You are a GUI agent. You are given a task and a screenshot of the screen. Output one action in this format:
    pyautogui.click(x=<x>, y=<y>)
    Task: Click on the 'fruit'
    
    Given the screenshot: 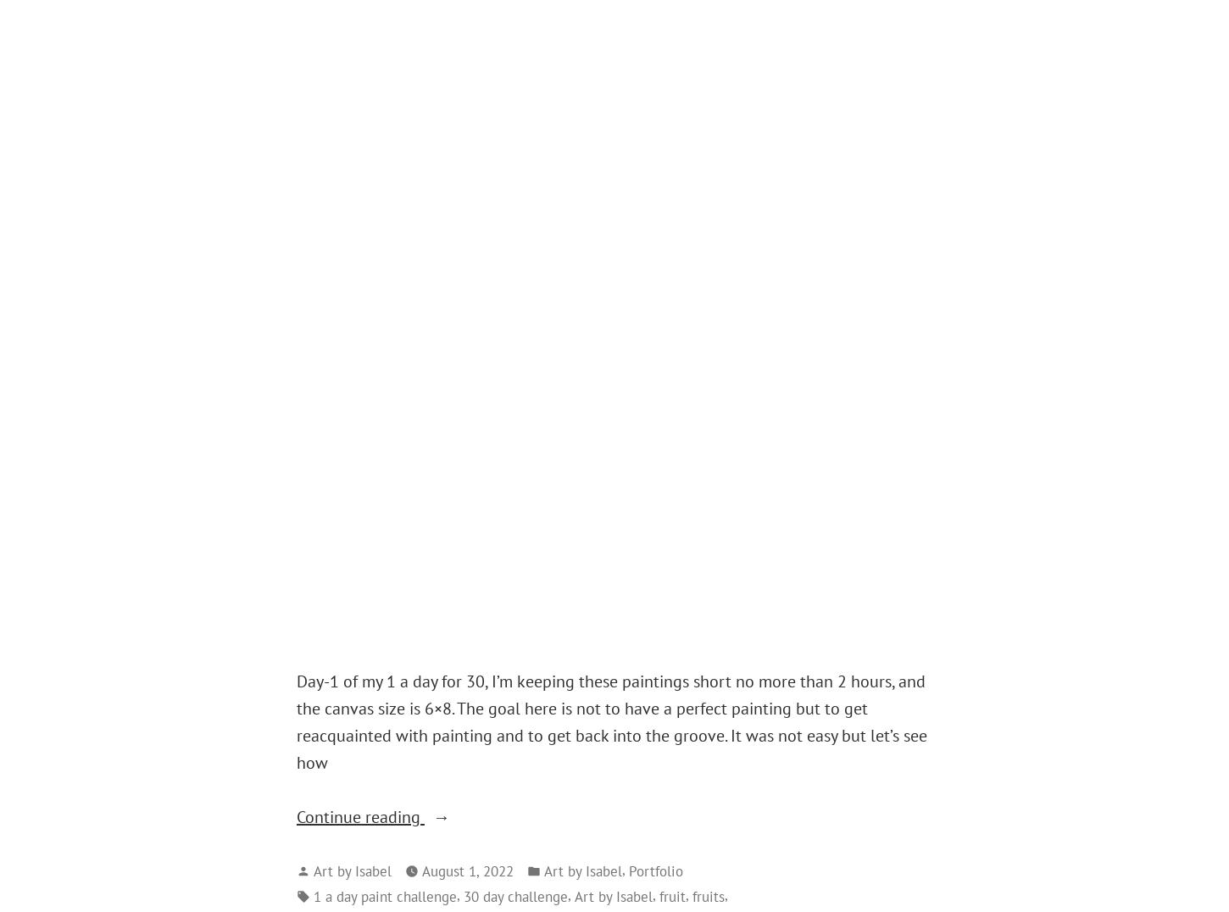 What is the action you would take?
    pyautogui.click(x=672, y=895)
    